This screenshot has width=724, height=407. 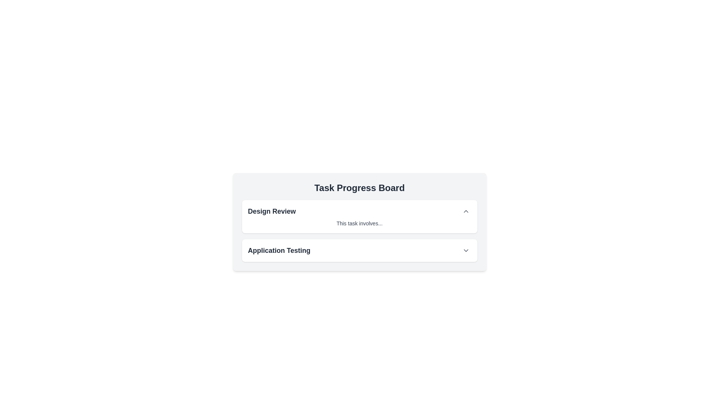 What do you see at coordinates (359, 223) in the screenshot?
I see `the text label that reads 'This task involves...', which is styled in smaller gray font and positioned immediately below the 'Design Review' heading` at bounding box center [359, 223].